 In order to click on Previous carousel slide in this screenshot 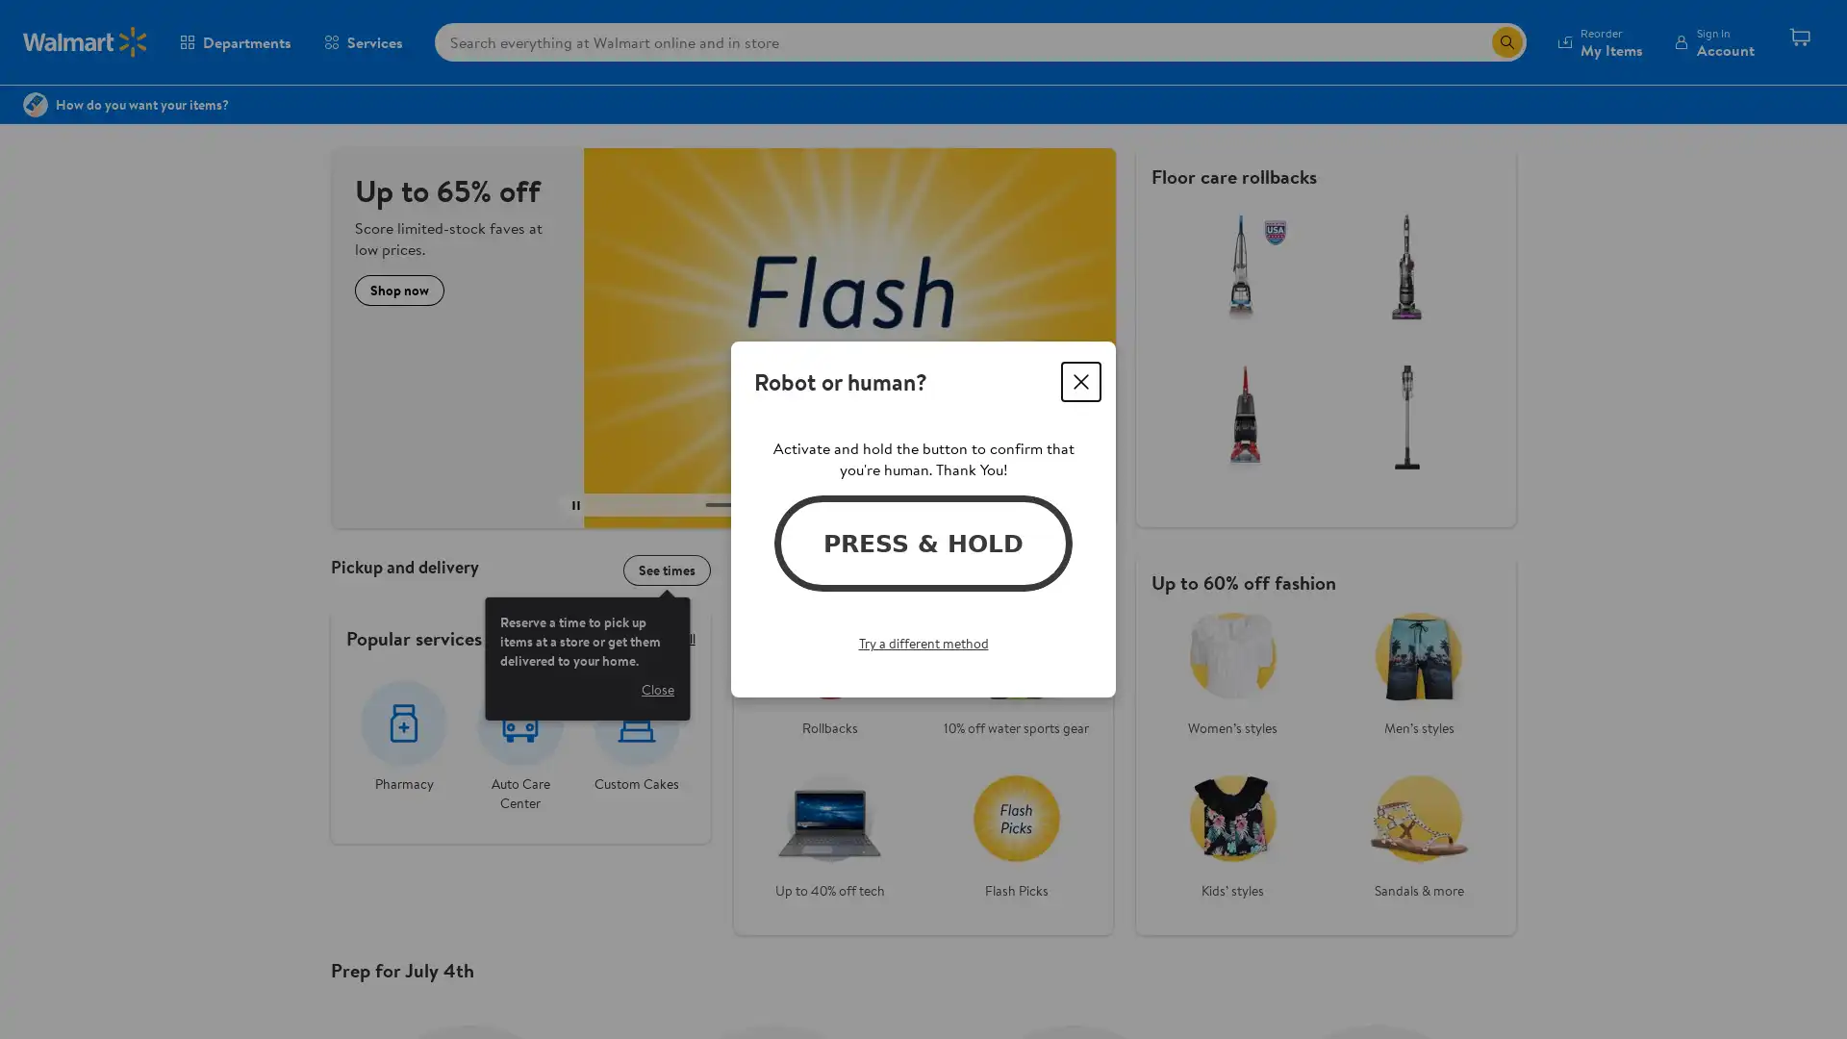, I will do `click(711, 503)`.